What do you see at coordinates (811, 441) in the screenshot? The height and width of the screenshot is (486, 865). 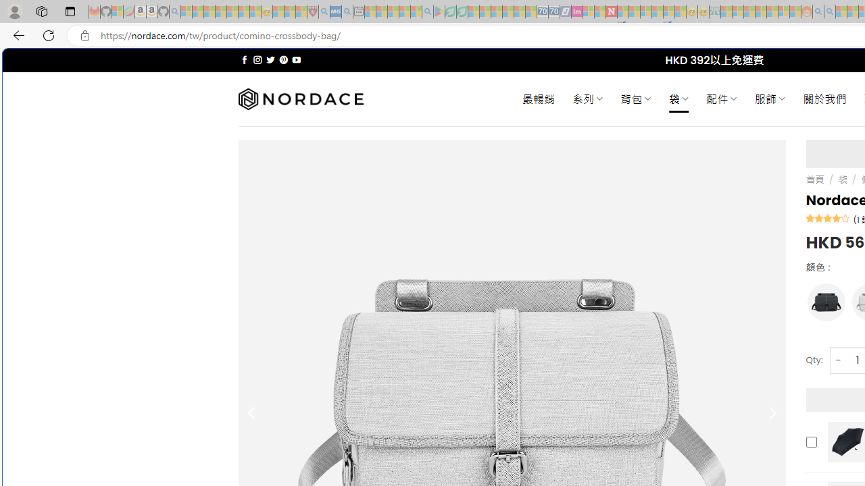 I see `'Add this product to cart'` at bounding box center [811, 441].